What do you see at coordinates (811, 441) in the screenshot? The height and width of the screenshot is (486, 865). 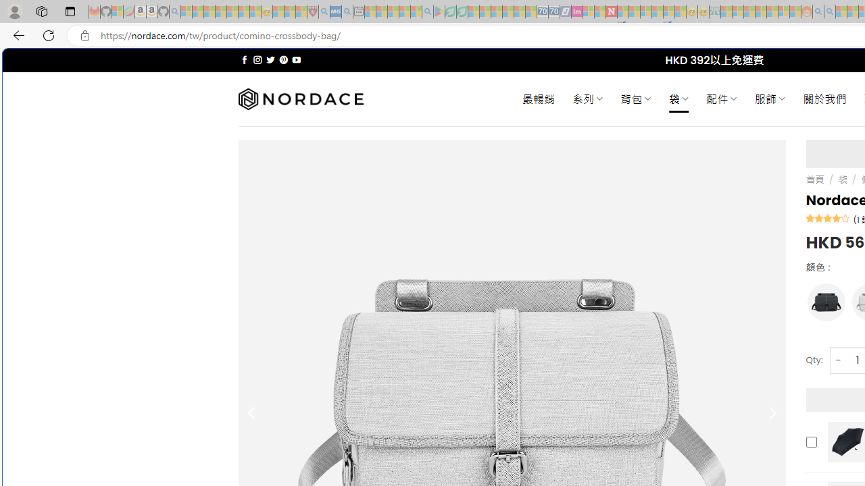 I see `'Add this product to cart'` at bounding box center [811, 441].